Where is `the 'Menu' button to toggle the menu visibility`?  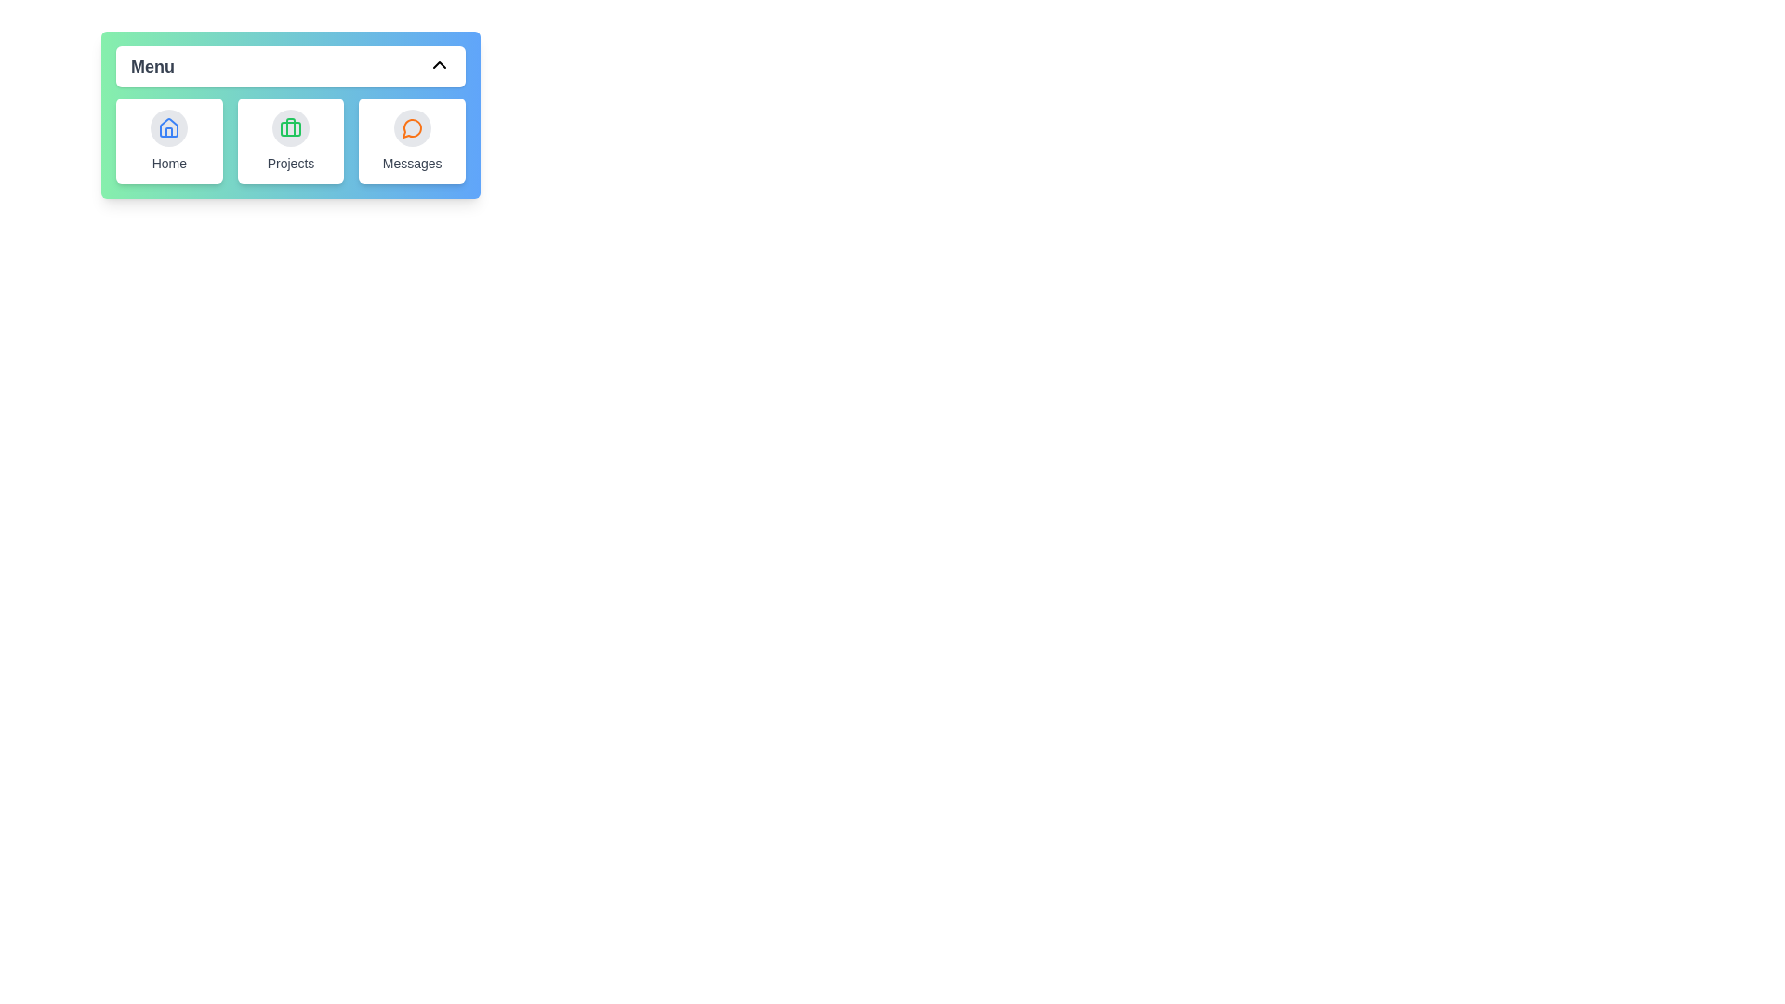 the 'Menu' button to toggle the menu visibility is located at coordinates (289, 66).